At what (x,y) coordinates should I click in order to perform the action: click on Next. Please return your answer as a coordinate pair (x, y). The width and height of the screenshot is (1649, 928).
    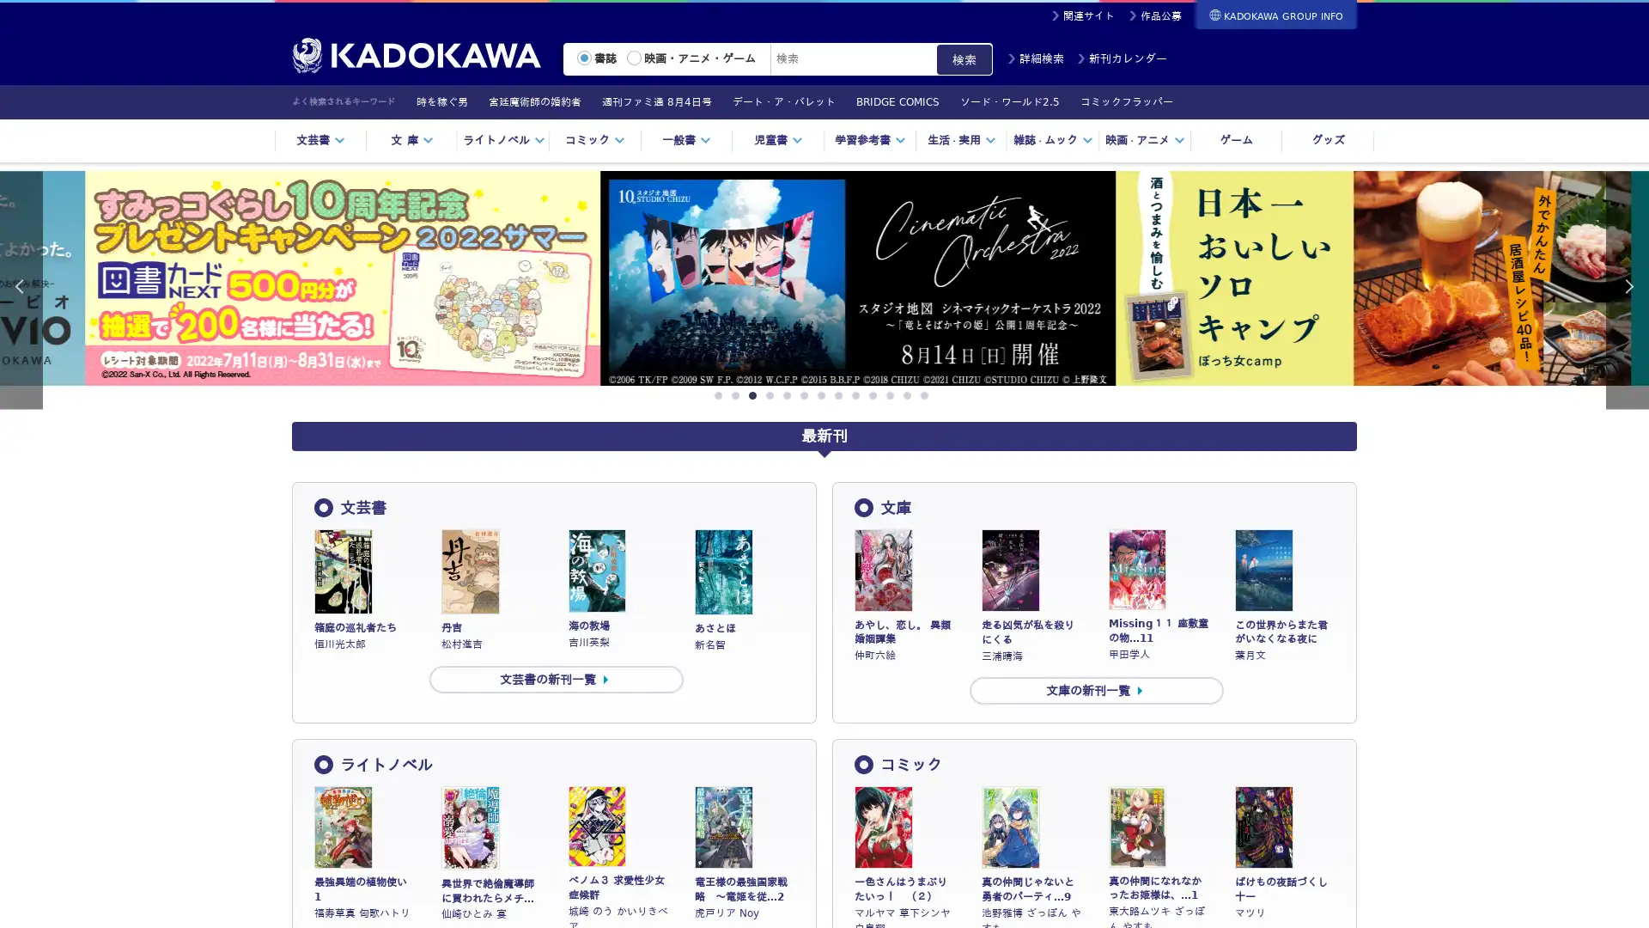
    Looking at the image, I should click on (1368, 102).